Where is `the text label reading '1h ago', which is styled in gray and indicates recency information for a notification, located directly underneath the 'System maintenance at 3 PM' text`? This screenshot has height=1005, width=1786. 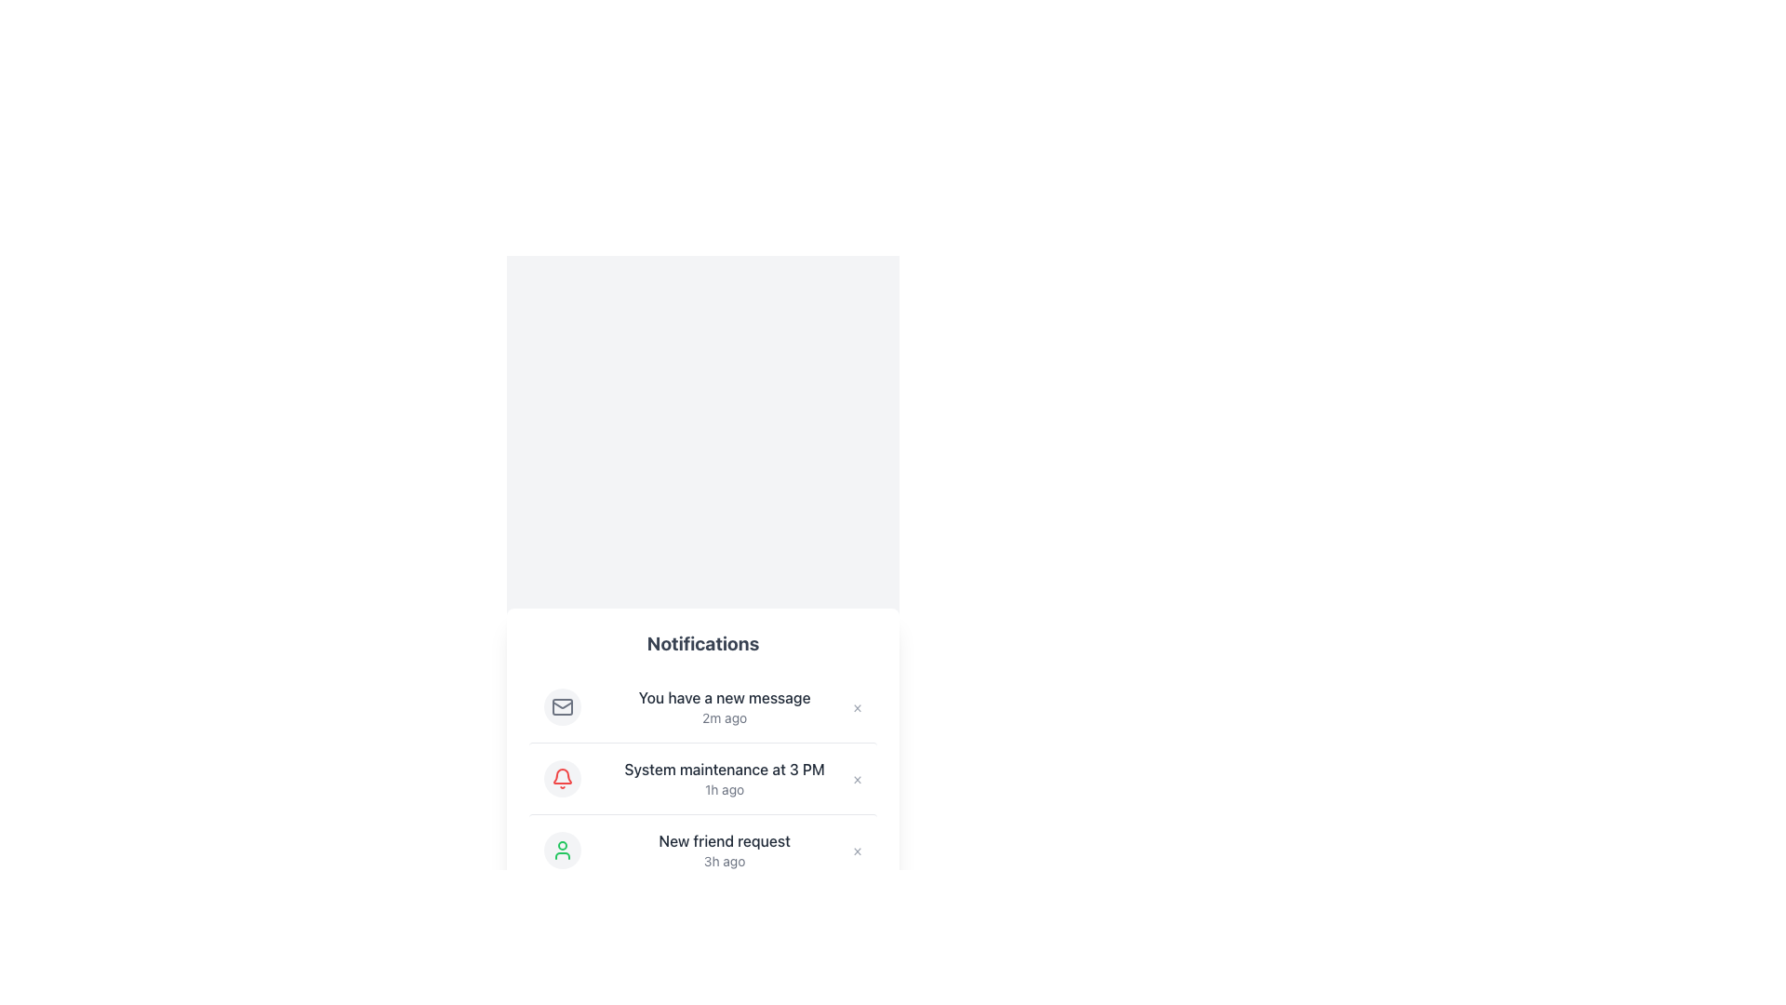 the text label reading '1h ago', which is styled in gray and indicates recency information for a notification, located directly underneath the 'System maintenance at 3 PM' text is located at coordinates (724, 789).